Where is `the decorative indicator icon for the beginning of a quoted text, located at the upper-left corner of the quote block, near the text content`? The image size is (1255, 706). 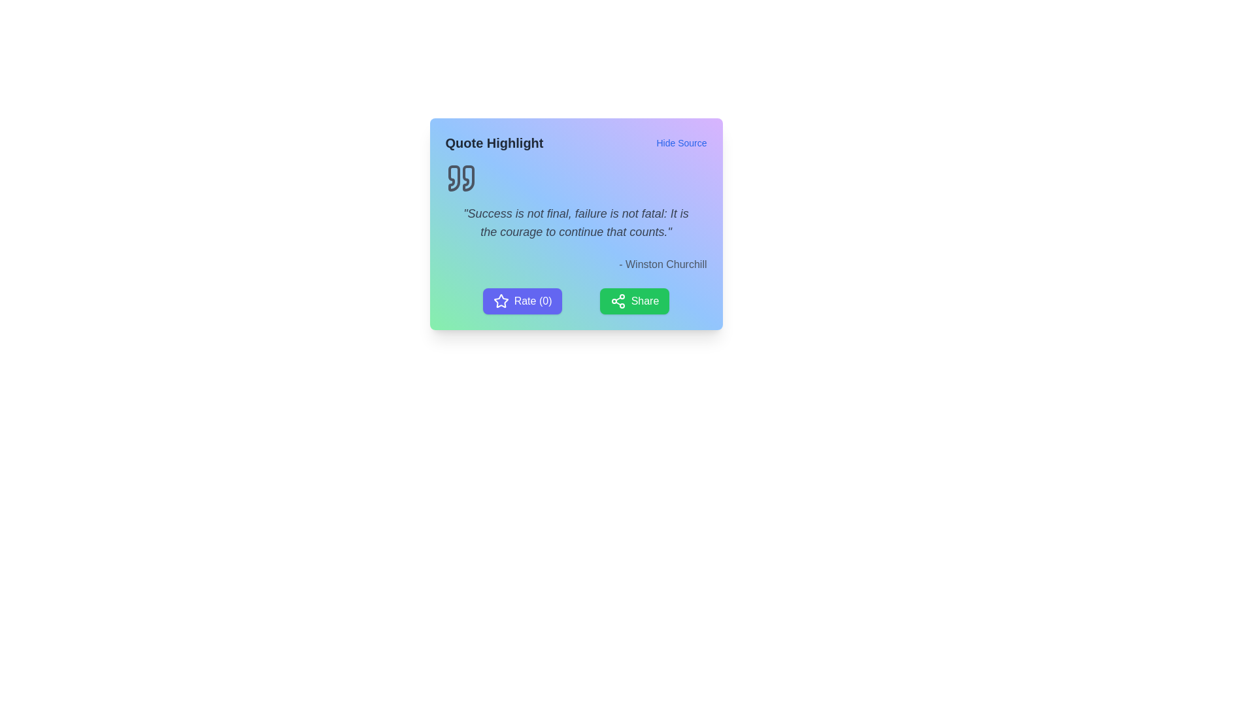 the decorative indicator icon for the beginning of a quoted text, located at the upper-left corner of the quote block, near the text content is located at coordinates (454, 178).